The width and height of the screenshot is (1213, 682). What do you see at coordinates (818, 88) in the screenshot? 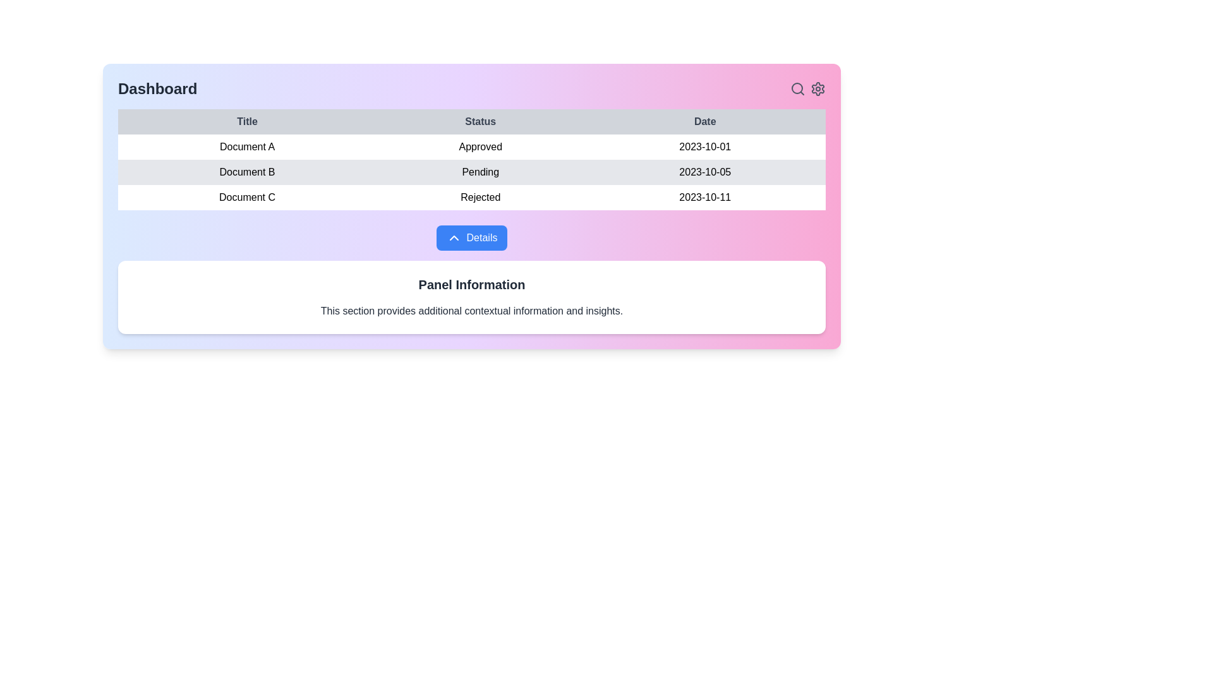
I see `the gear-shaped icon button located` at bounding box center [818, 88].